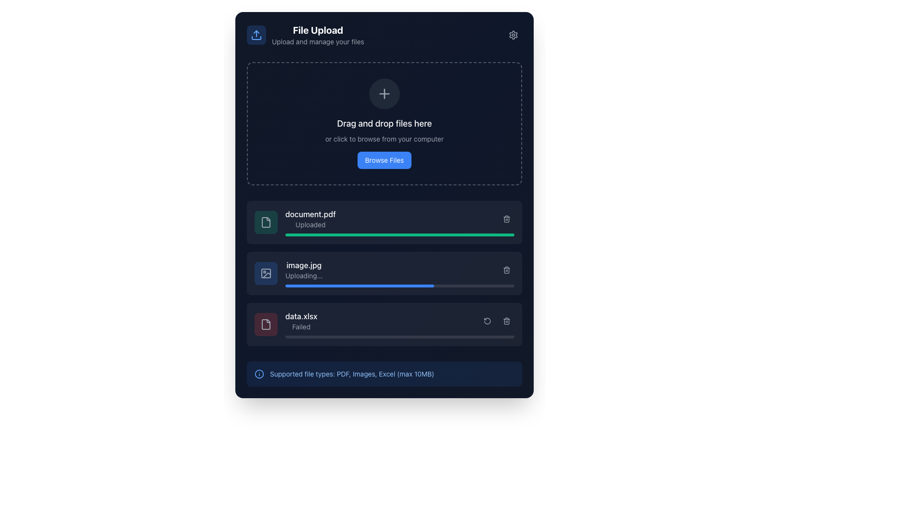 The image size is (924, 520). Describe the element at coordinates (384, 159) in the screenshot. I see `the button with a blue background and white text saying 'Browse Files'` at that location.